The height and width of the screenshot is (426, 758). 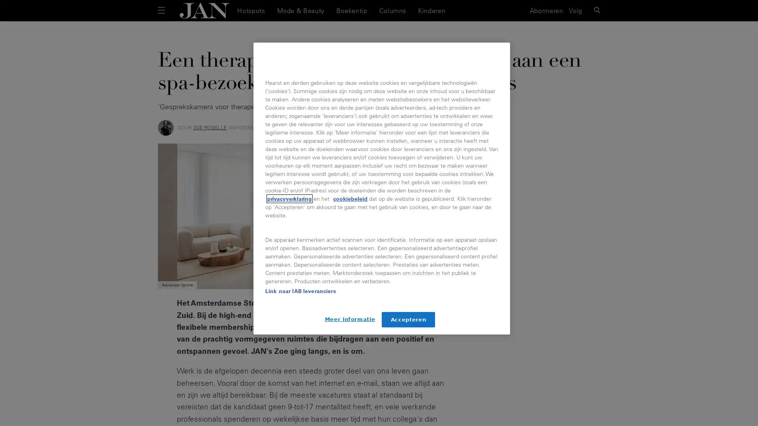 What do you see at coordinates (300, 291) in the screenshot?
I see `Link naar IAB leveranciers` at bounding box center [300, 291].